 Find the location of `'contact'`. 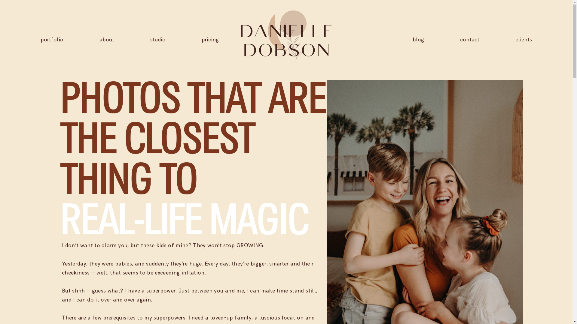

'contact' is located at coordinates (469, 40).